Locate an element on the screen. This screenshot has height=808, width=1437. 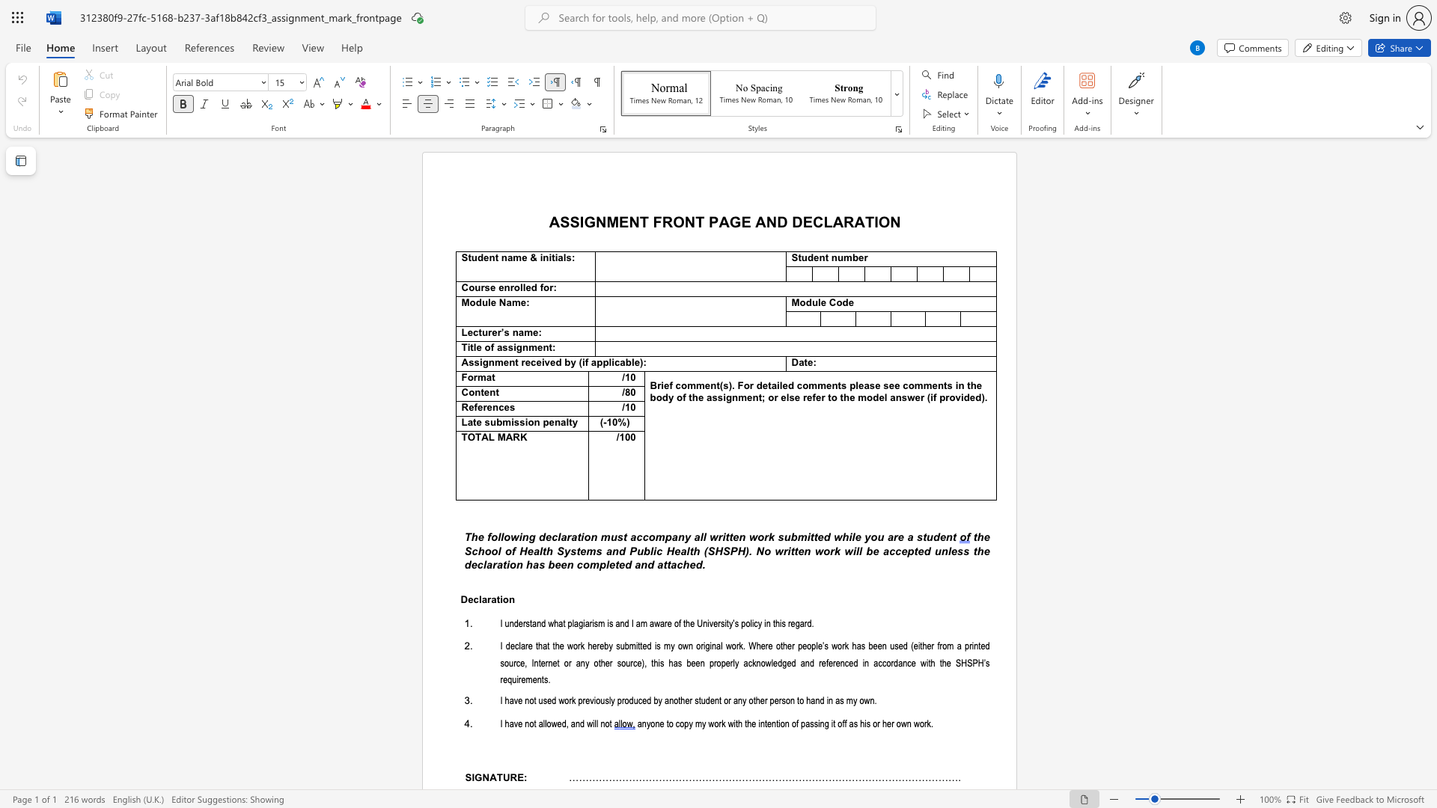
the 2th character "n" in the text is located at coordinates (833, 257).